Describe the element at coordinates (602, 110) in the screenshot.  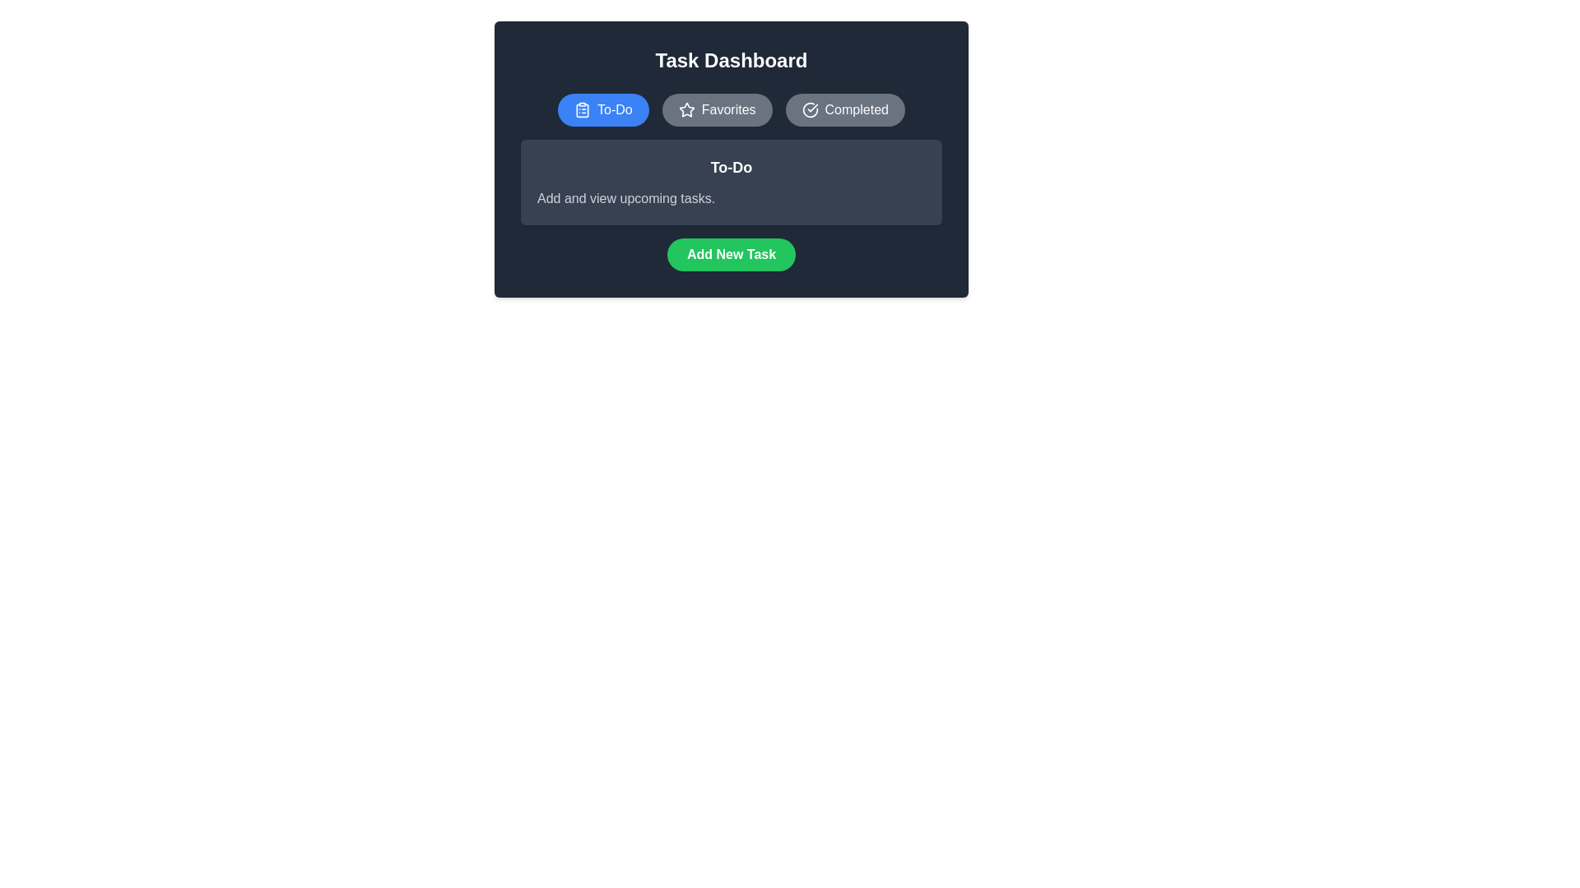
I see `the To-Do tab by clicking on the corresponding button` at that location.